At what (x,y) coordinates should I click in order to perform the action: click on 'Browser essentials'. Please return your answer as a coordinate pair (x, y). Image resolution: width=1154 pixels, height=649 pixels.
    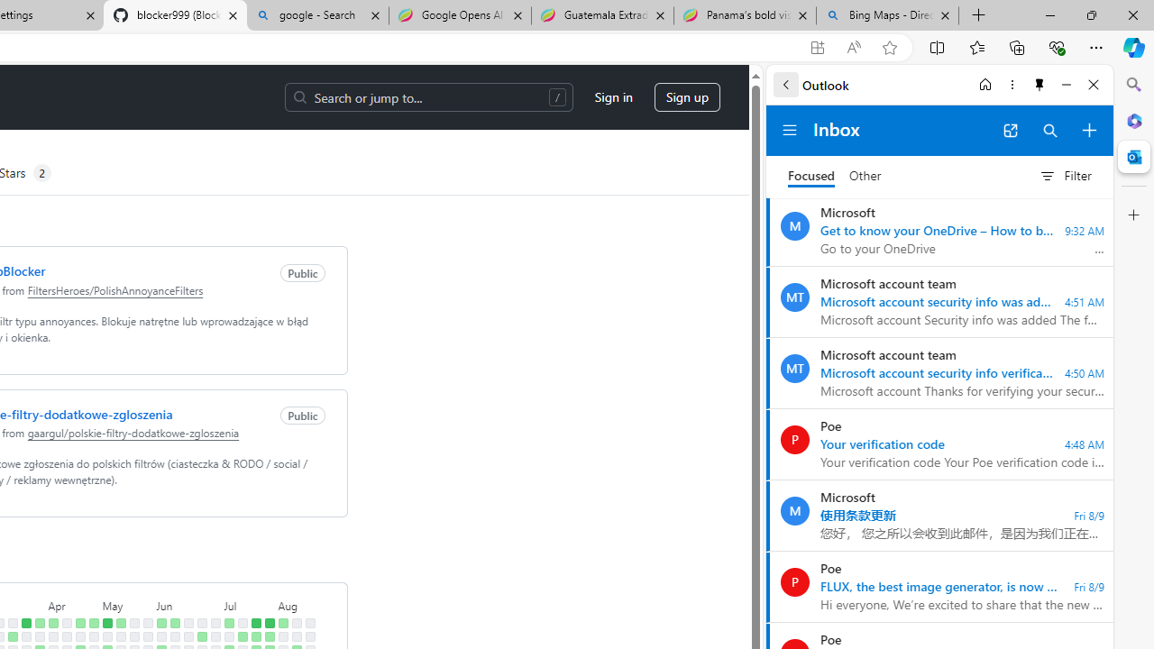
    Looking at the image, I should click on (1056, 46).